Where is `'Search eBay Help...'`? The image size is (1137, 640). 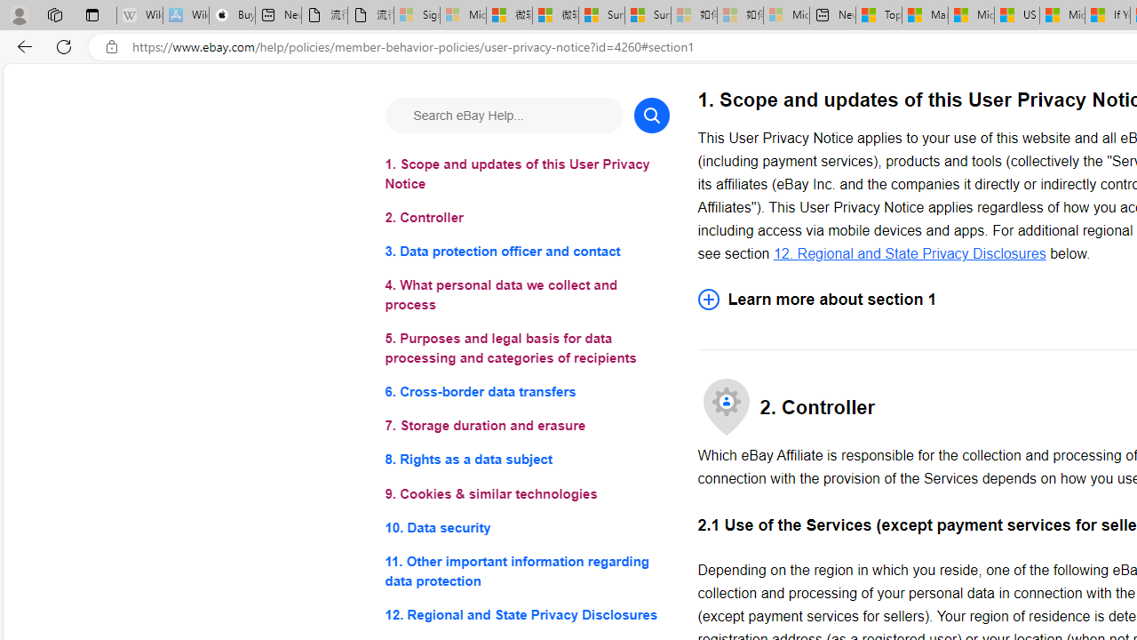
'Search eBay Help...' is located at coordinates (503, 115).